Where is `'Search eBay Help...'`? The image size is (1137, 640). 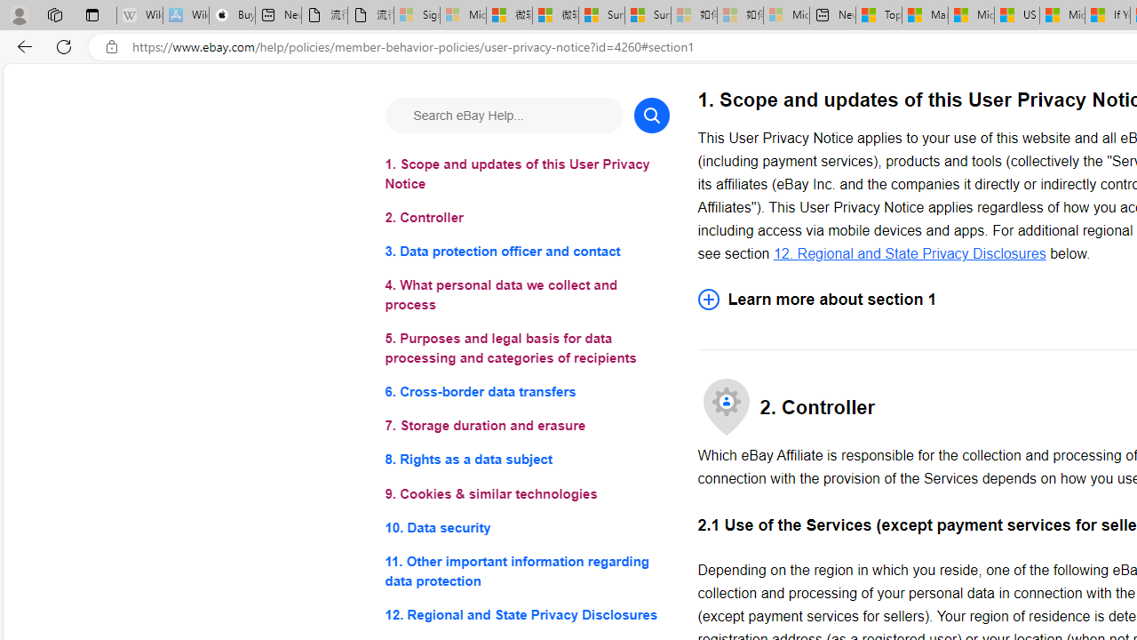
'Search eBay Help...' is located at coordinates (503, 115).